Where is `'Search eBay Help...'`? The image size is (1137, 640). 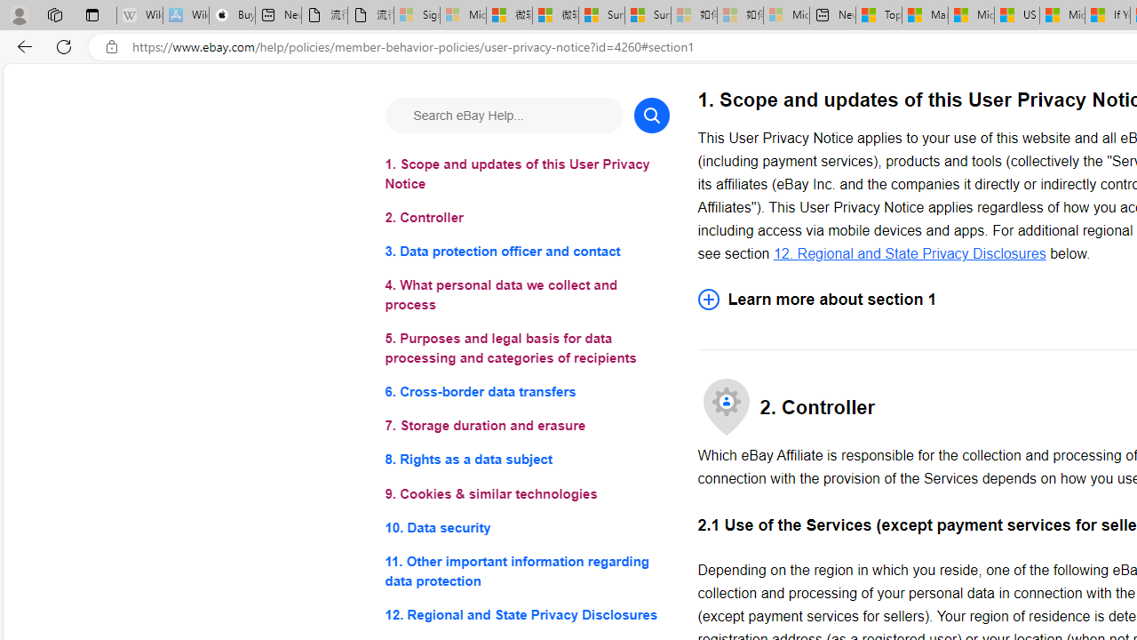
'Search eBay Help...' is located at coordinates (503, 115).